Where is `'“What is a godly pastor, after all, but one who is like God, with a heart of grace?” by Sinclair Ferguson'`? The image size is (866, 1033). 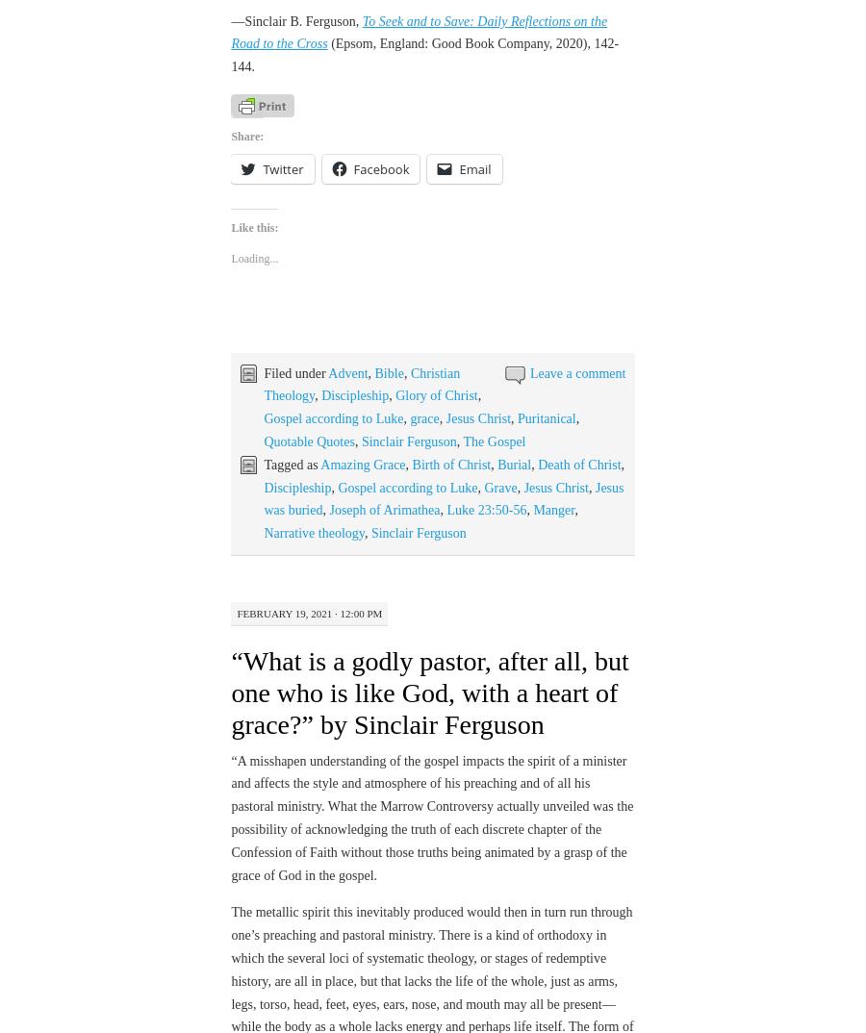
'“What is a godly pastor, after all, but one who is like God, with a heart of grace?” by Sinclair Ferguson' is located at coordinates (230, 638).